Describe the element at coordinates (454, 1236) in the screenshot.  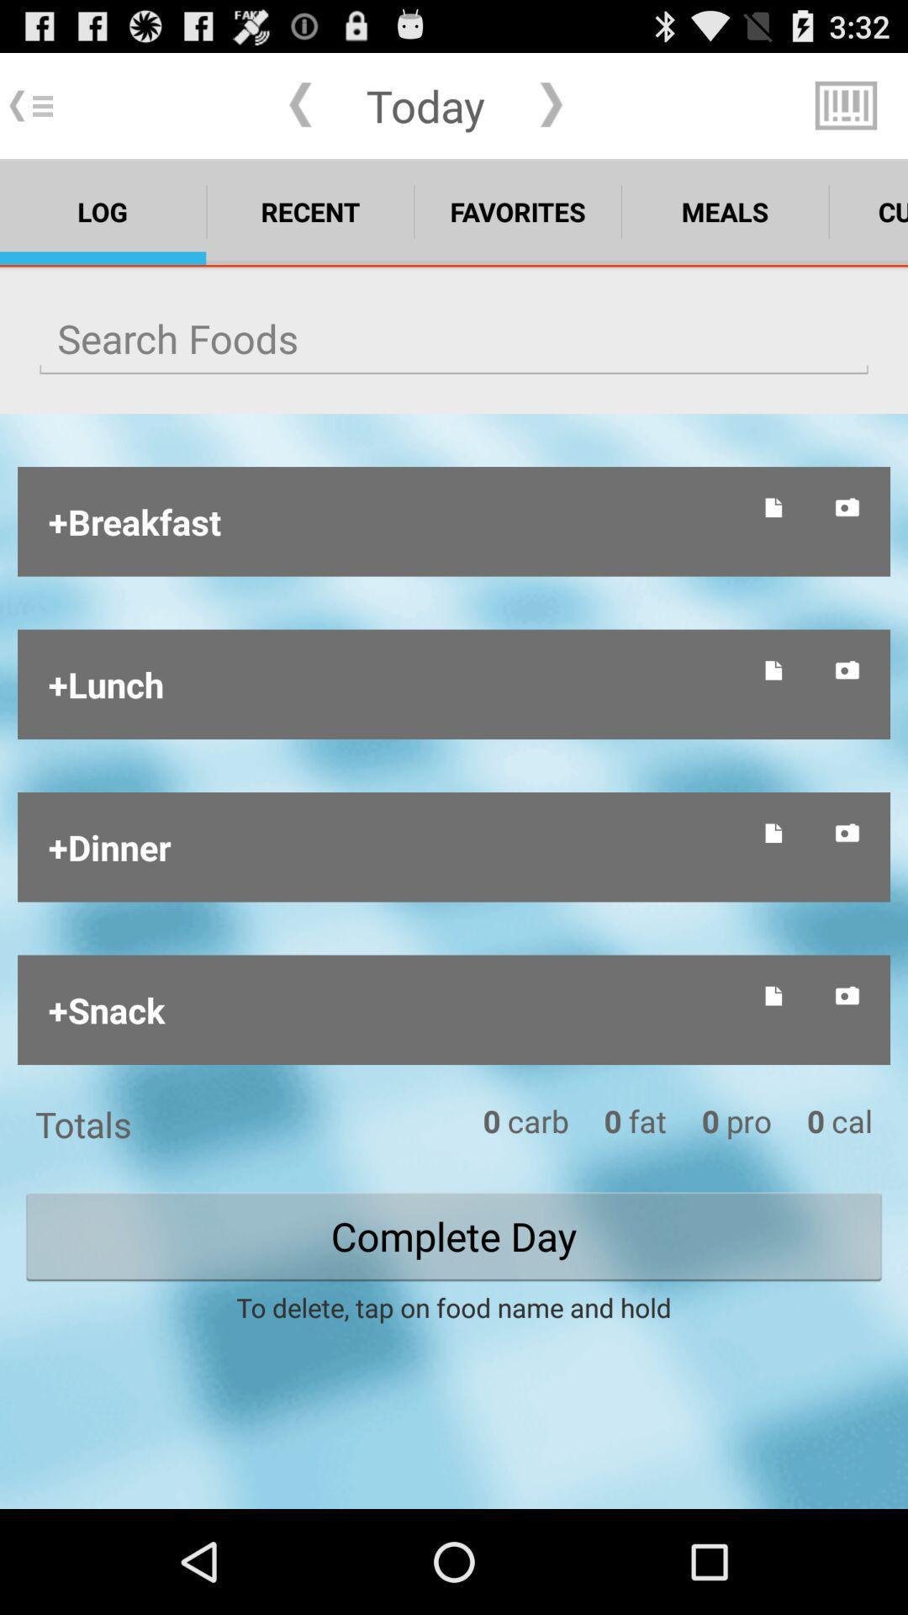
I see `the text complete day` at that location.